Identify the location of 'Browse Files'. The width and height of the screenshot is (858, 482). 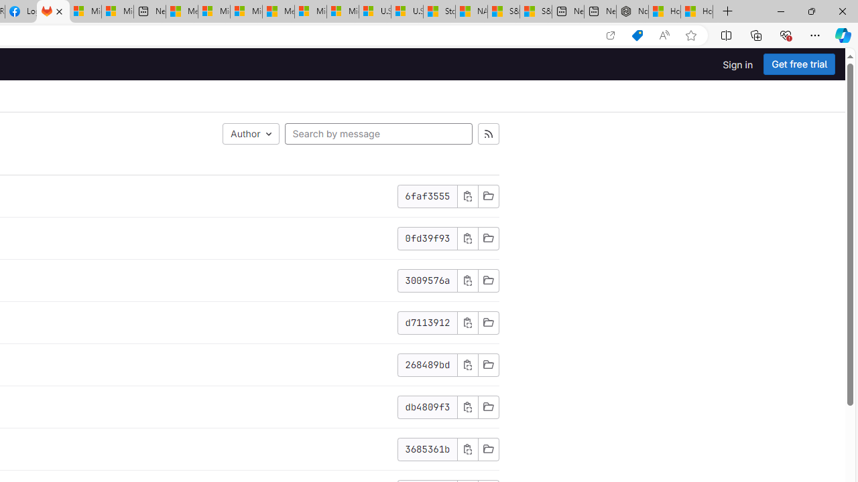
(487, 449).